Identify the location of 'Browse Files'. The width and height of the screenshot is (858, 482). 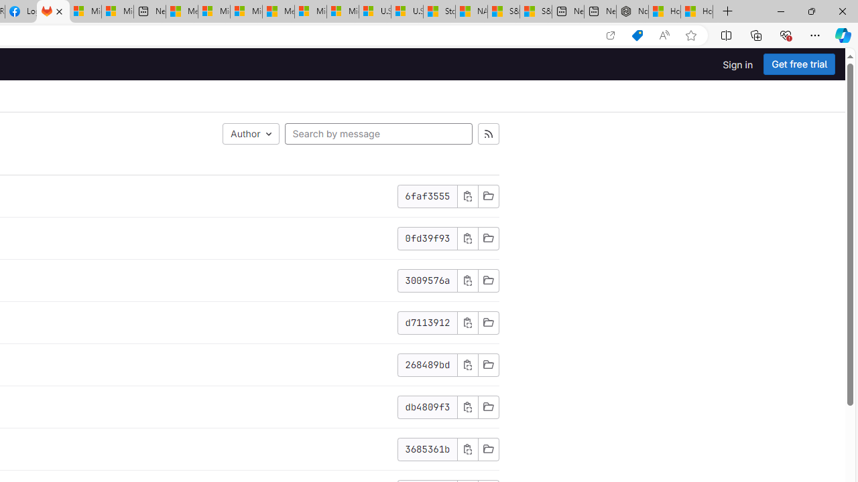
(487, 449).